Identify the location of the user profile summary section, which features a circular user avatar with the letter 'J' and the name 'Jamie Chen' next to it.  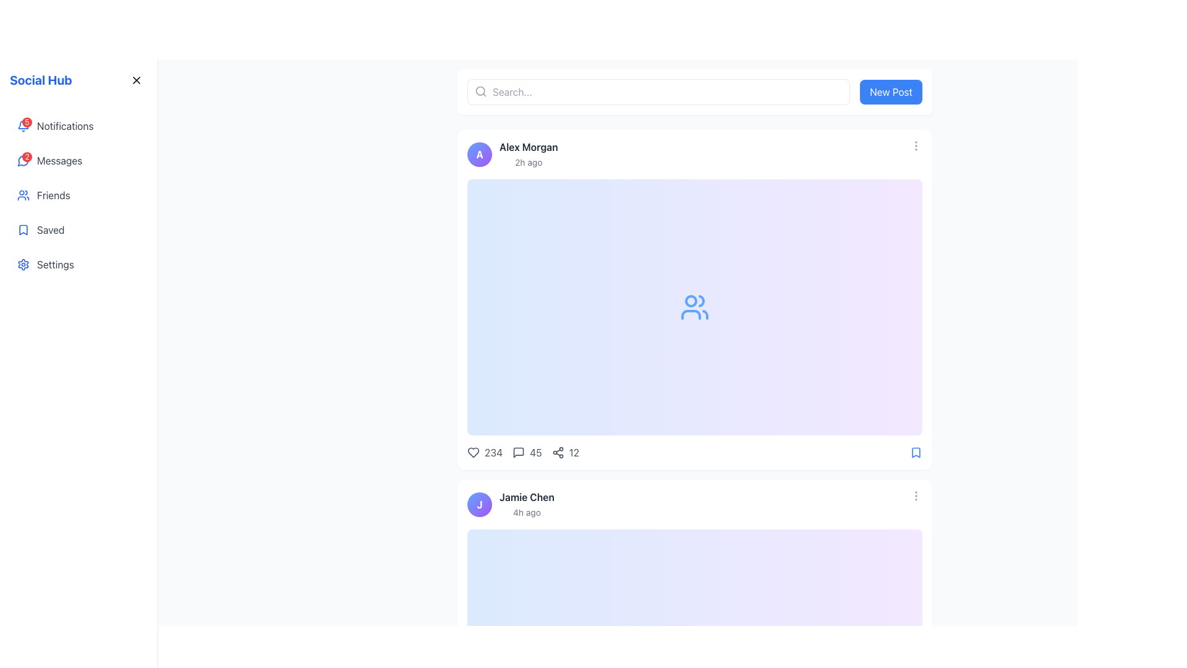
(511, 505).